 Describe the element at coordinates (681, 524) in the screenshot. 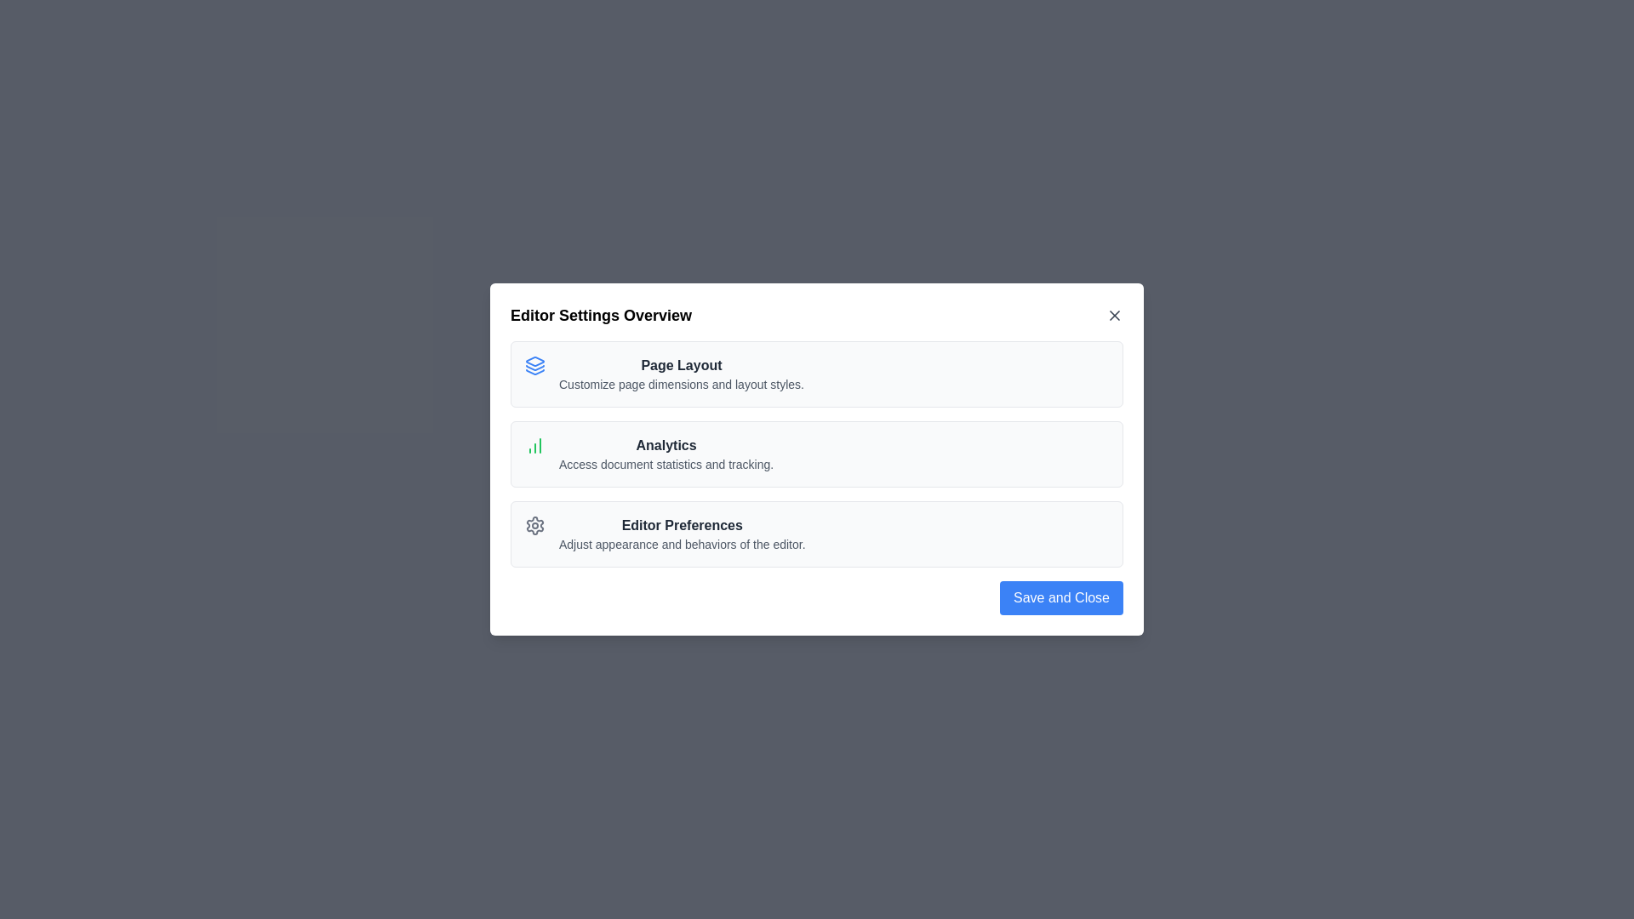

I see `the text of the option Editor Preferences to select it` at that location.